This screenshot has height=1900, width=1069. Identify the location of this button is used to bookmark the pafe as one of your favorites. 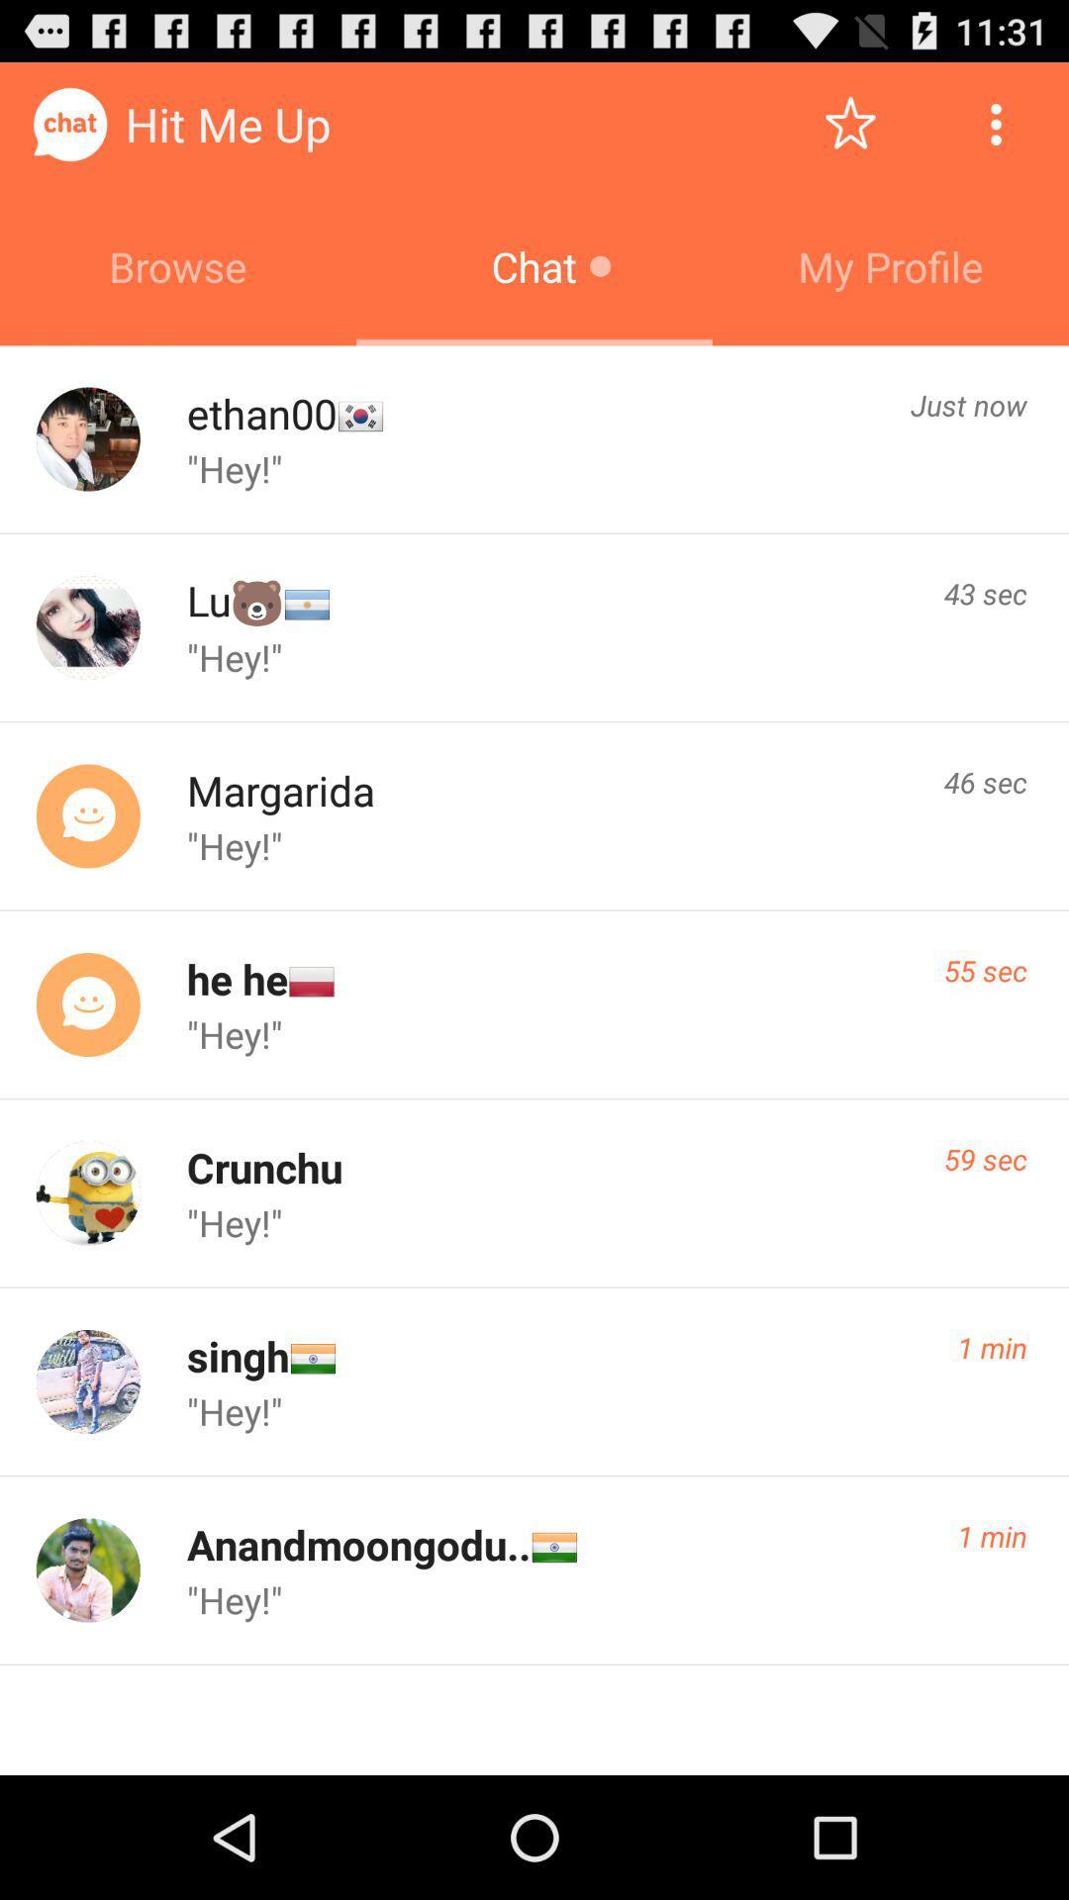
(849, 123).